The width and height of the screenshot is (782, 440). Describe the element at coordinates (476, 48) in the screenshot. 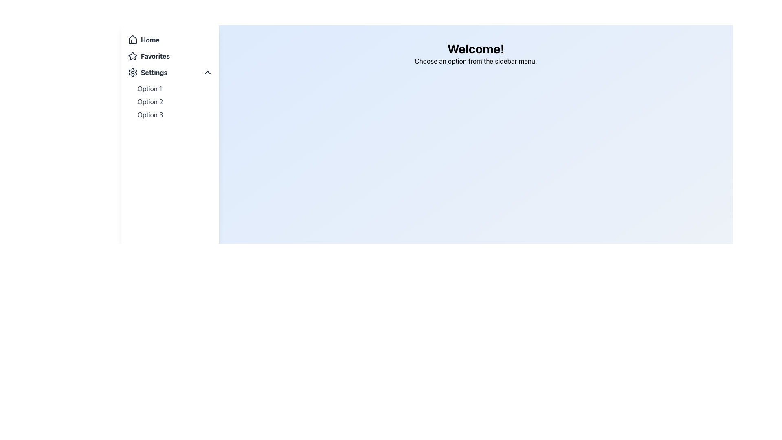

I see `the welcoming header text element located at the top center of the main content area, directly above the text 'Choose an option from the sidebar menu'` at that location.